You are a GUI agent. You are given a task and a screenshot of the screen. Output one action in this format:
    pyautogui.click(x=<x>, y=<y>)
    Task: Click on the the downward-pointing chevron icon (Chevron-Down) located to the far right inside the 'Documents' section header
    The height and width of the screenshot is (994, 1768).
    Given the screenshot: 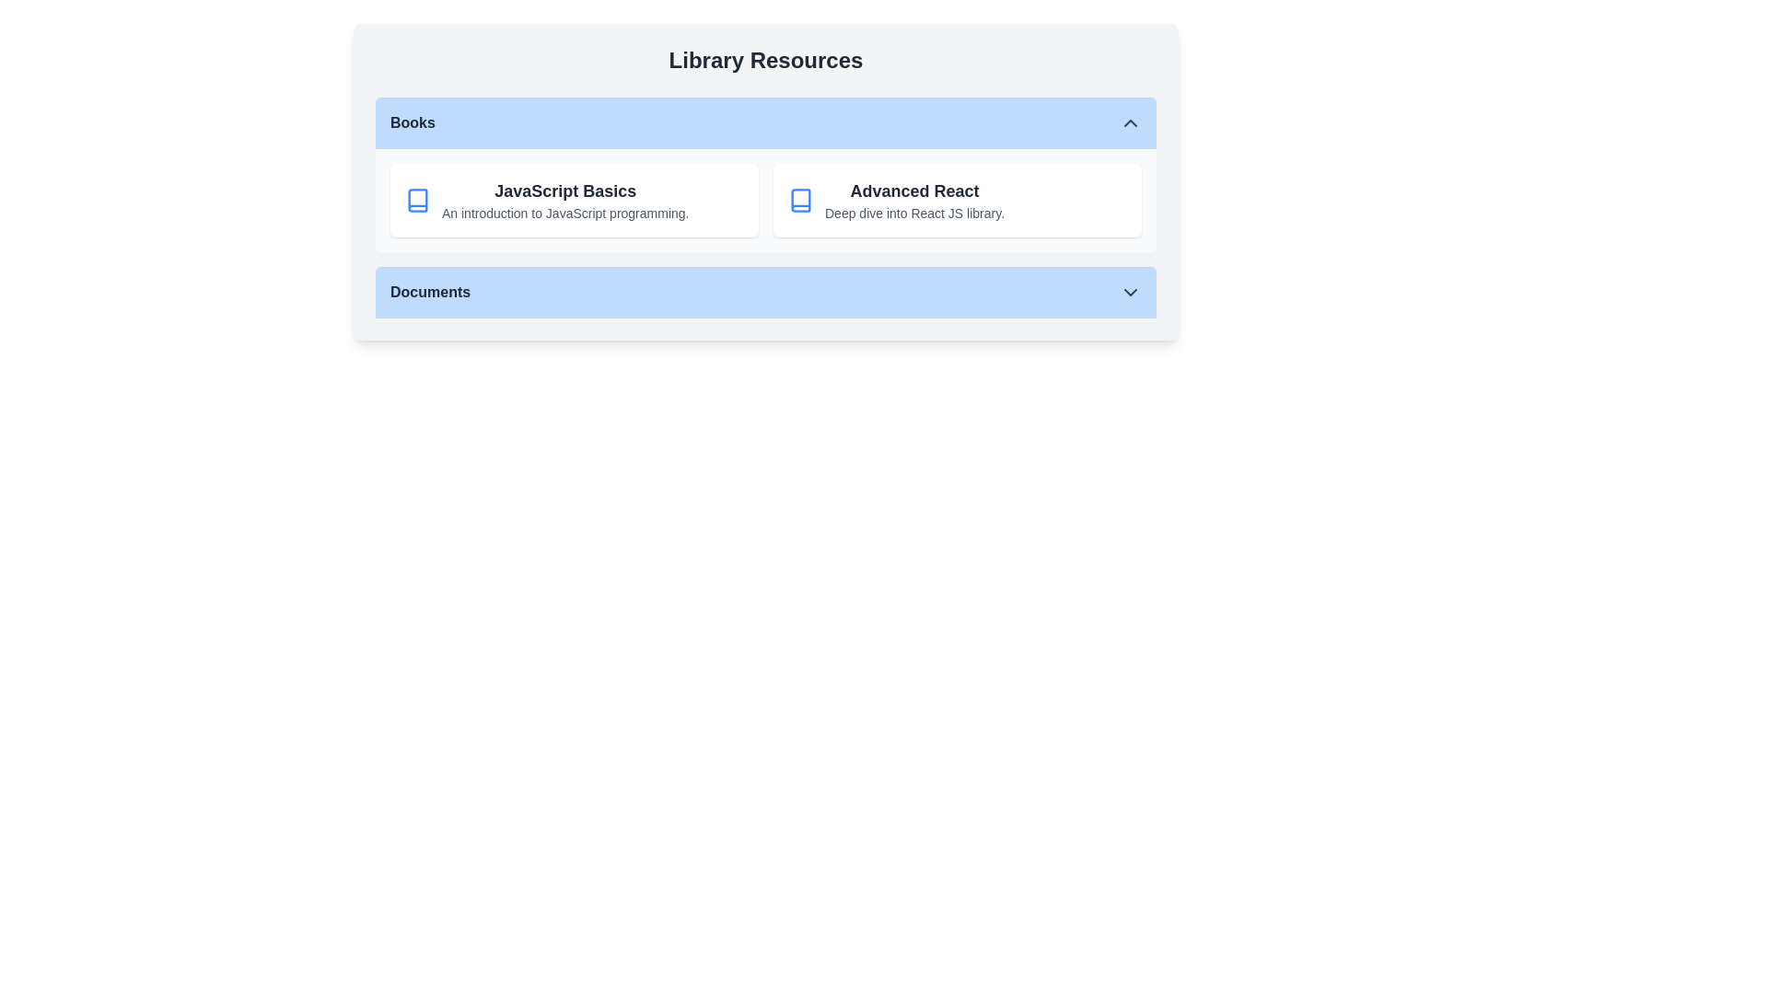 What is the action you would take?
    pyautogui.click(x=1130, y=291)
    